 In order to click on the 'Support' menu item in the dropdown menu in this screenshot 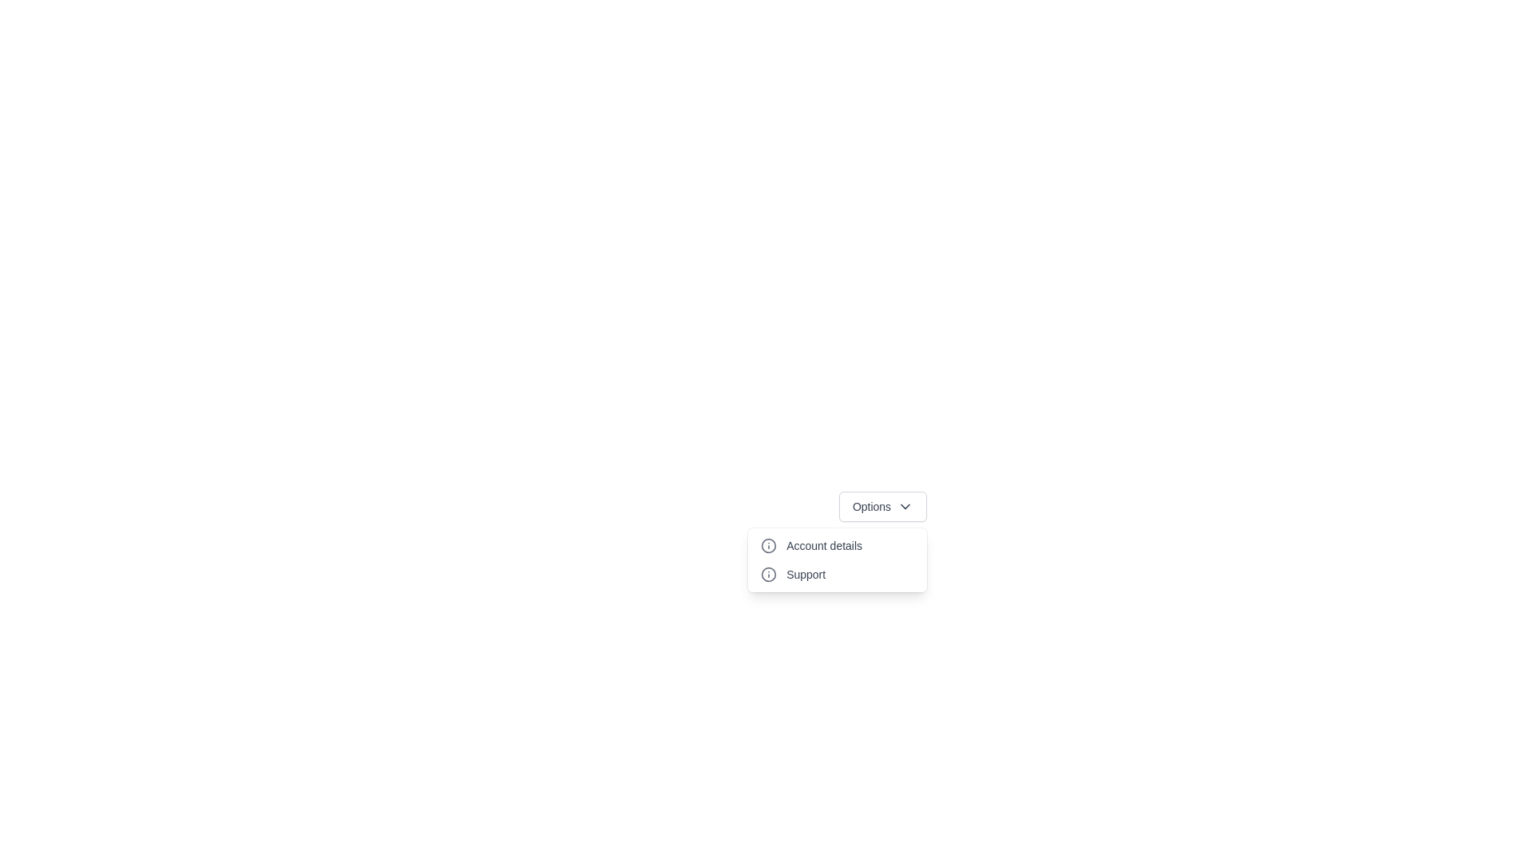, I will do `click(837, 575)`.